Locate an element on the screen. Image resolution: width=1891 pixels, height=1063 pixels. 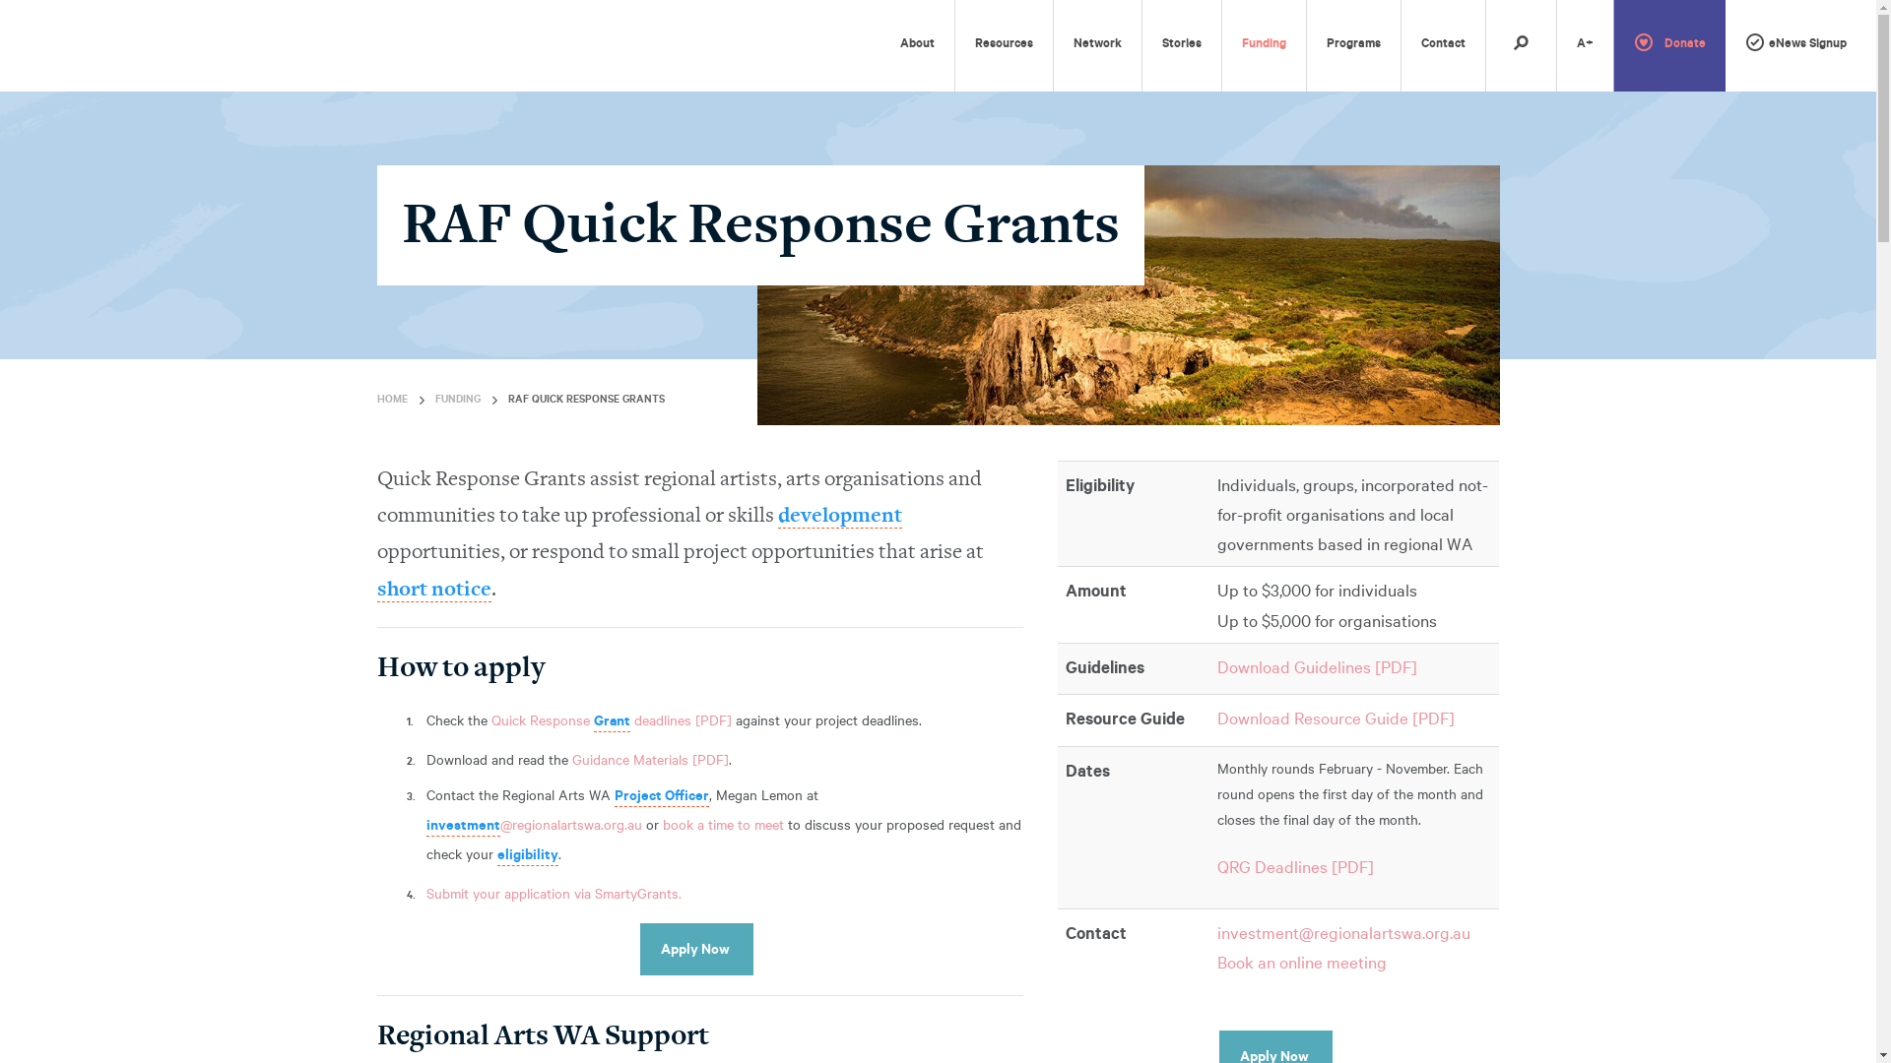
'Download Guidelines [PDF]' is located at coordinates (1317, 664).